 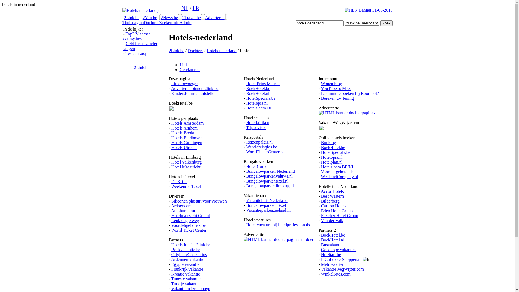 What do you see at coordinates (189, 254) in the screenshot?
I see `'OrigineleCadeautips'` at bounding box center [189, 254].